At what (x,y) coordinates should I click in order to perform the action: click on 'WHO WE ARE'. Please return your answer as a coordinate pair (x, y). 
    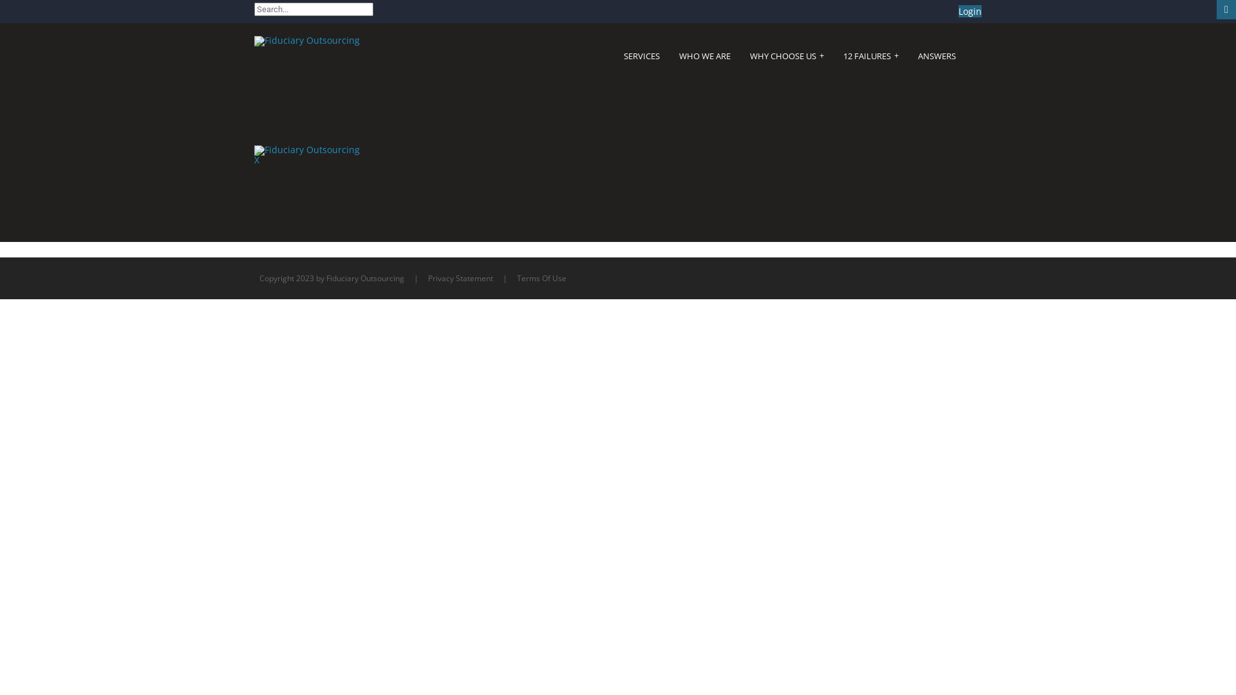
    Looking at the image, I should click on (704, 55).